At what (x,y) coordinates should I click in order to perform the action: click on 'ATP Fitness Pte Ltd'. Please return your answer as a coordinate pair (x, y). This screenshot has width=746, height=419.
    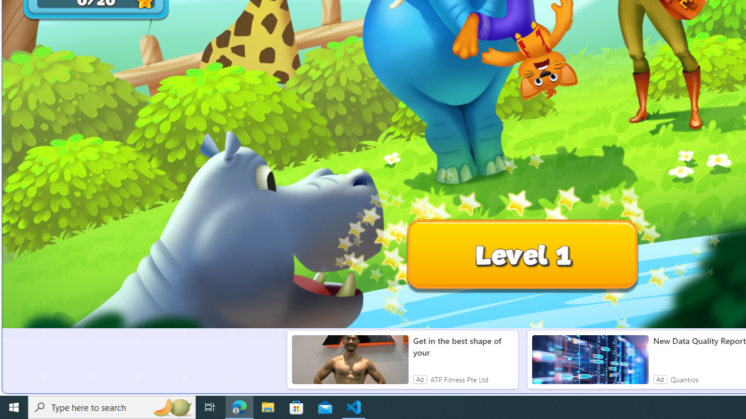
    Looking at the image, I should click on (459, 379).